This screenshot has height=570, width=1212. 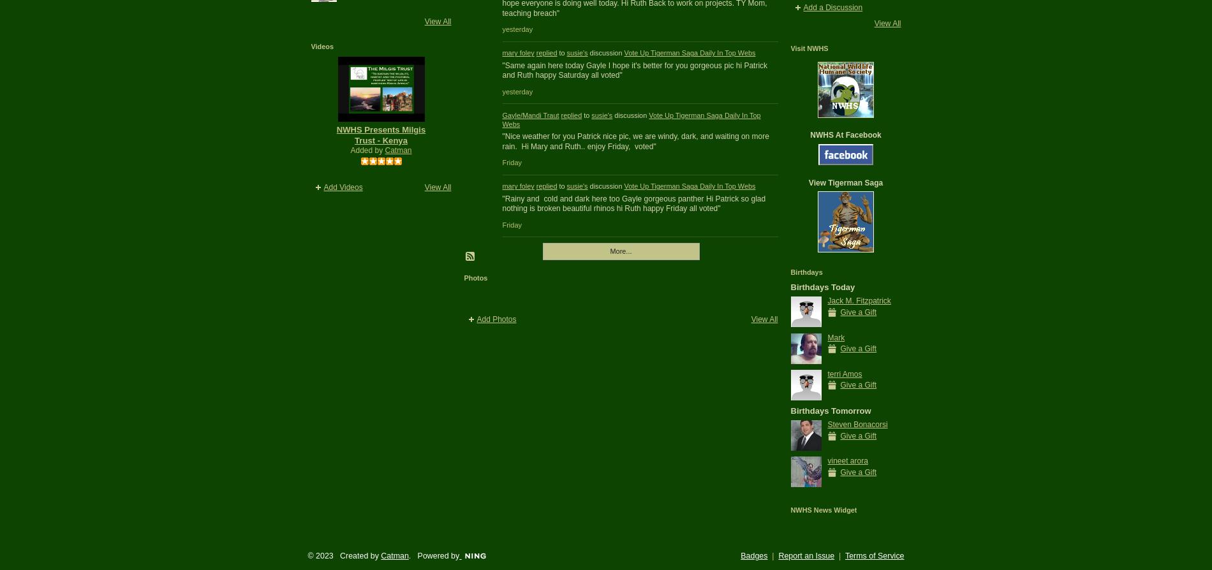 I want to click on 'Jack M. Fitzpatrick', so click(x=858, y=301).